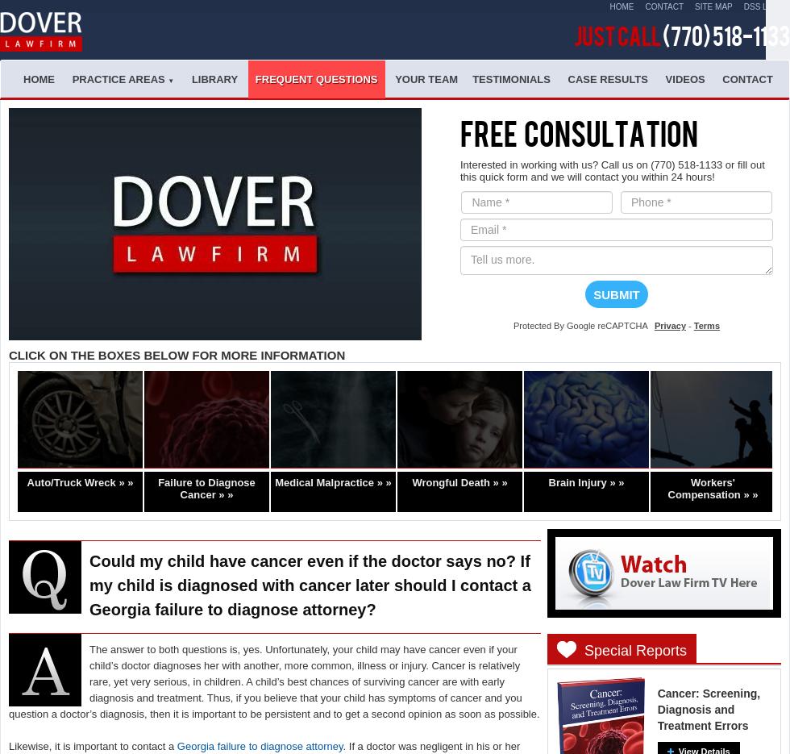 Image resolution: width=790 pixels, height=754 pixels. Describe the element at coordinates (746, 78) in the screenshot. I see `'Contact'` at that location.